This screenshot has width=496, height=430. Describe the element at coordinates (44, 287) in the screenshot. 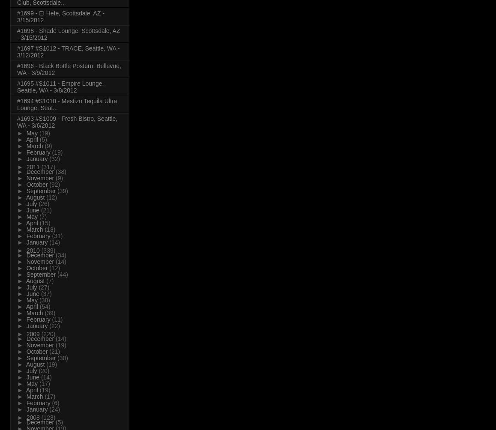

I see `'(27)'` at that location.